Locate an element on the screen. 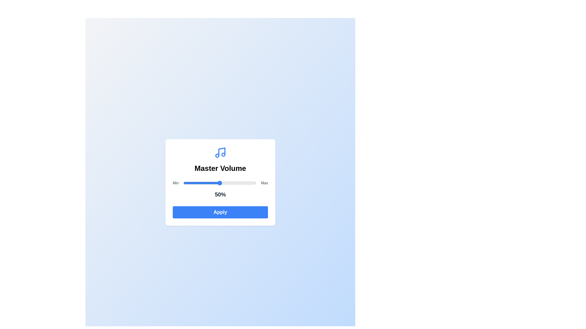  the Apply button to confirm the selected volume is located at coordinates (220, 212).